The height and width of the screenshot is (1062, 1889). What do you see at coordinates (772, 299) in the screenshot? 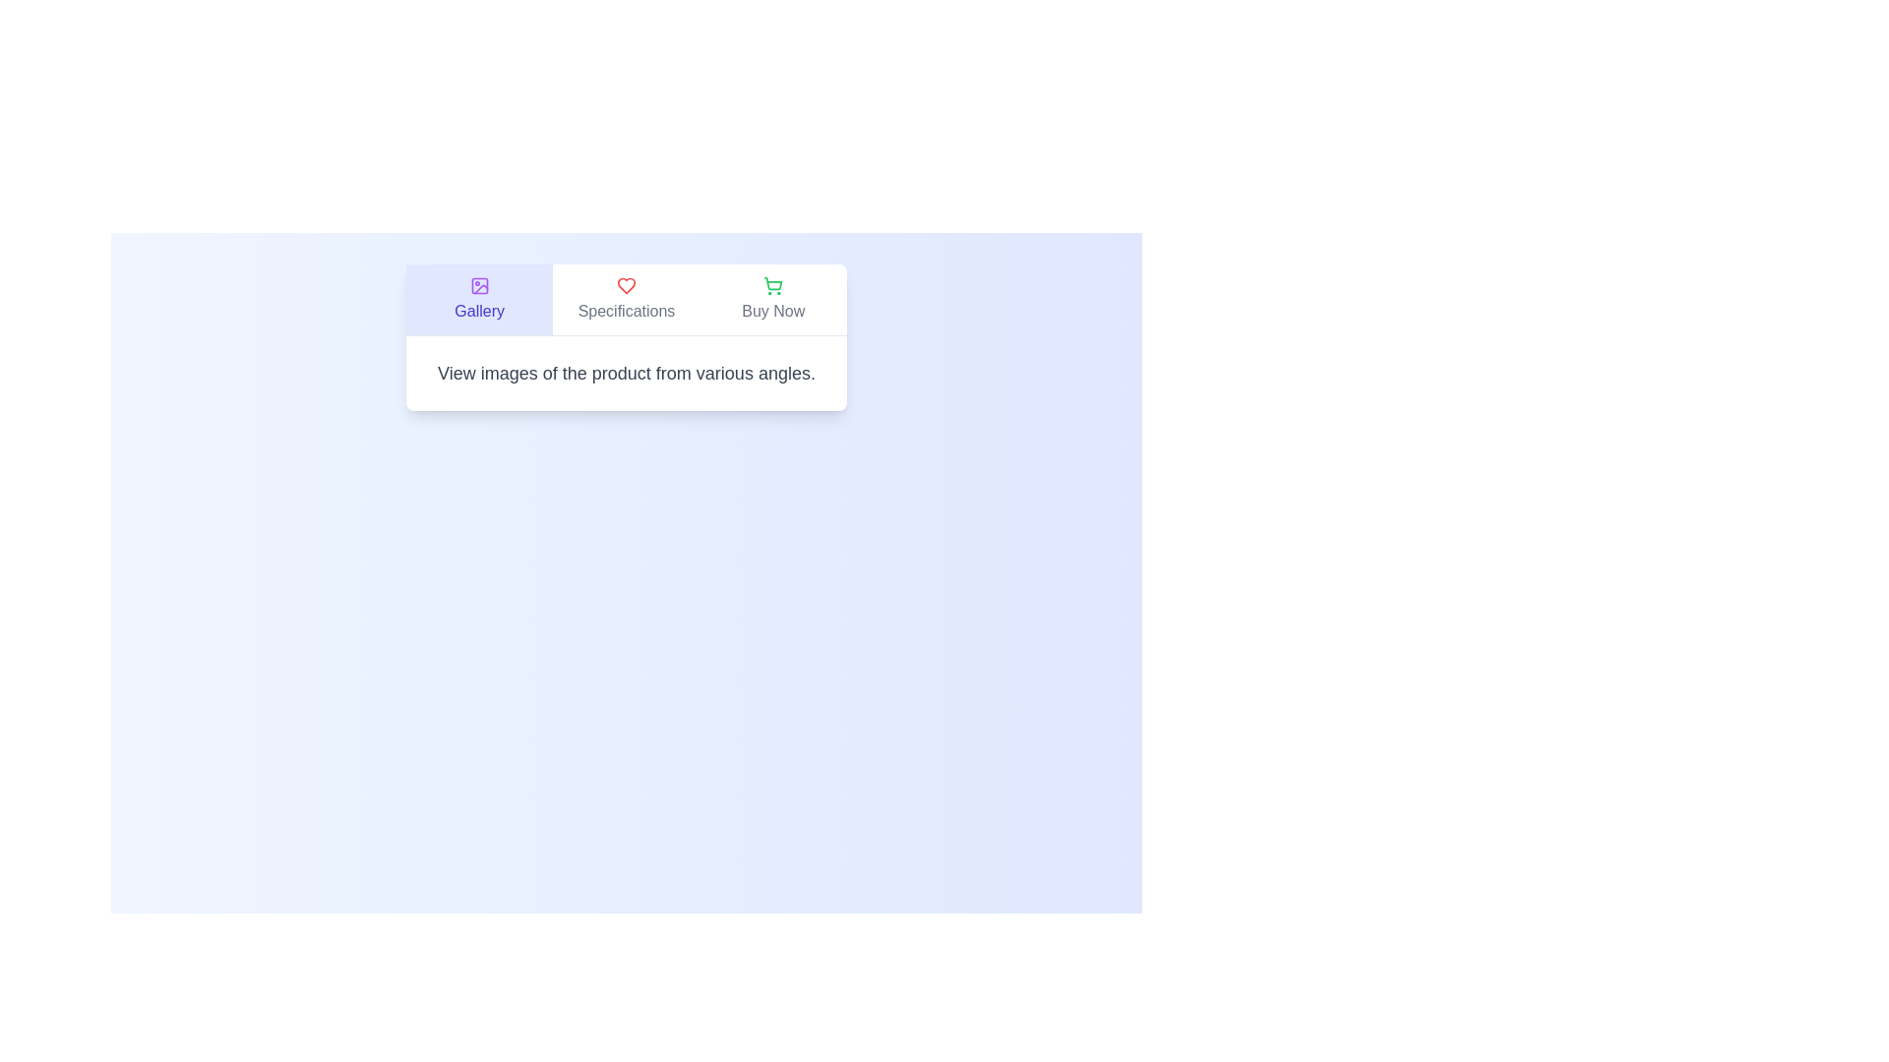
I see `the Buy Now tab to view its content` at bounding box center [772, 299].